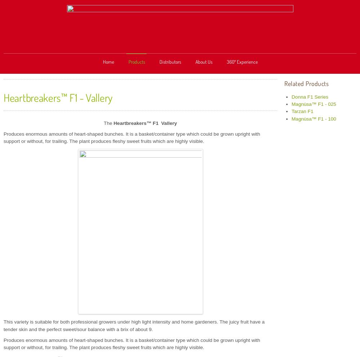 This screenshot has height=357, width=360. Describe the element at coordinates (292, 111) in the screenshot. I see `'Tarzan F1'` at that location.